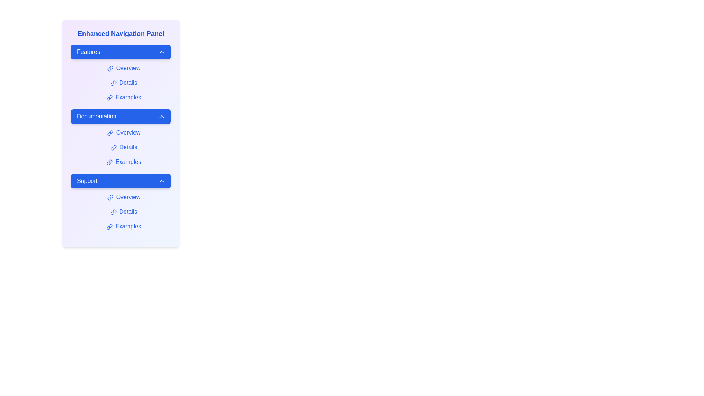 The width and height of the screenshot is (704, 396). What do you see at coordinates (124, 212) in the screenshot?
I see `the second link in the 'Support' section, located below the 'Overview' link and above the 'Examples' link` at bounding box center [124, 212].